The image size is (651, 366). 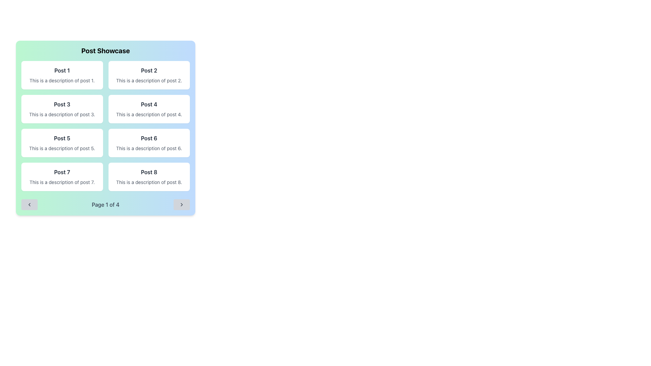 What do you see at coordinates (29, 204) in the screenshot?
I see `the leftward chevron icon located within the pagination controls button` at bounding box center [29, 204].